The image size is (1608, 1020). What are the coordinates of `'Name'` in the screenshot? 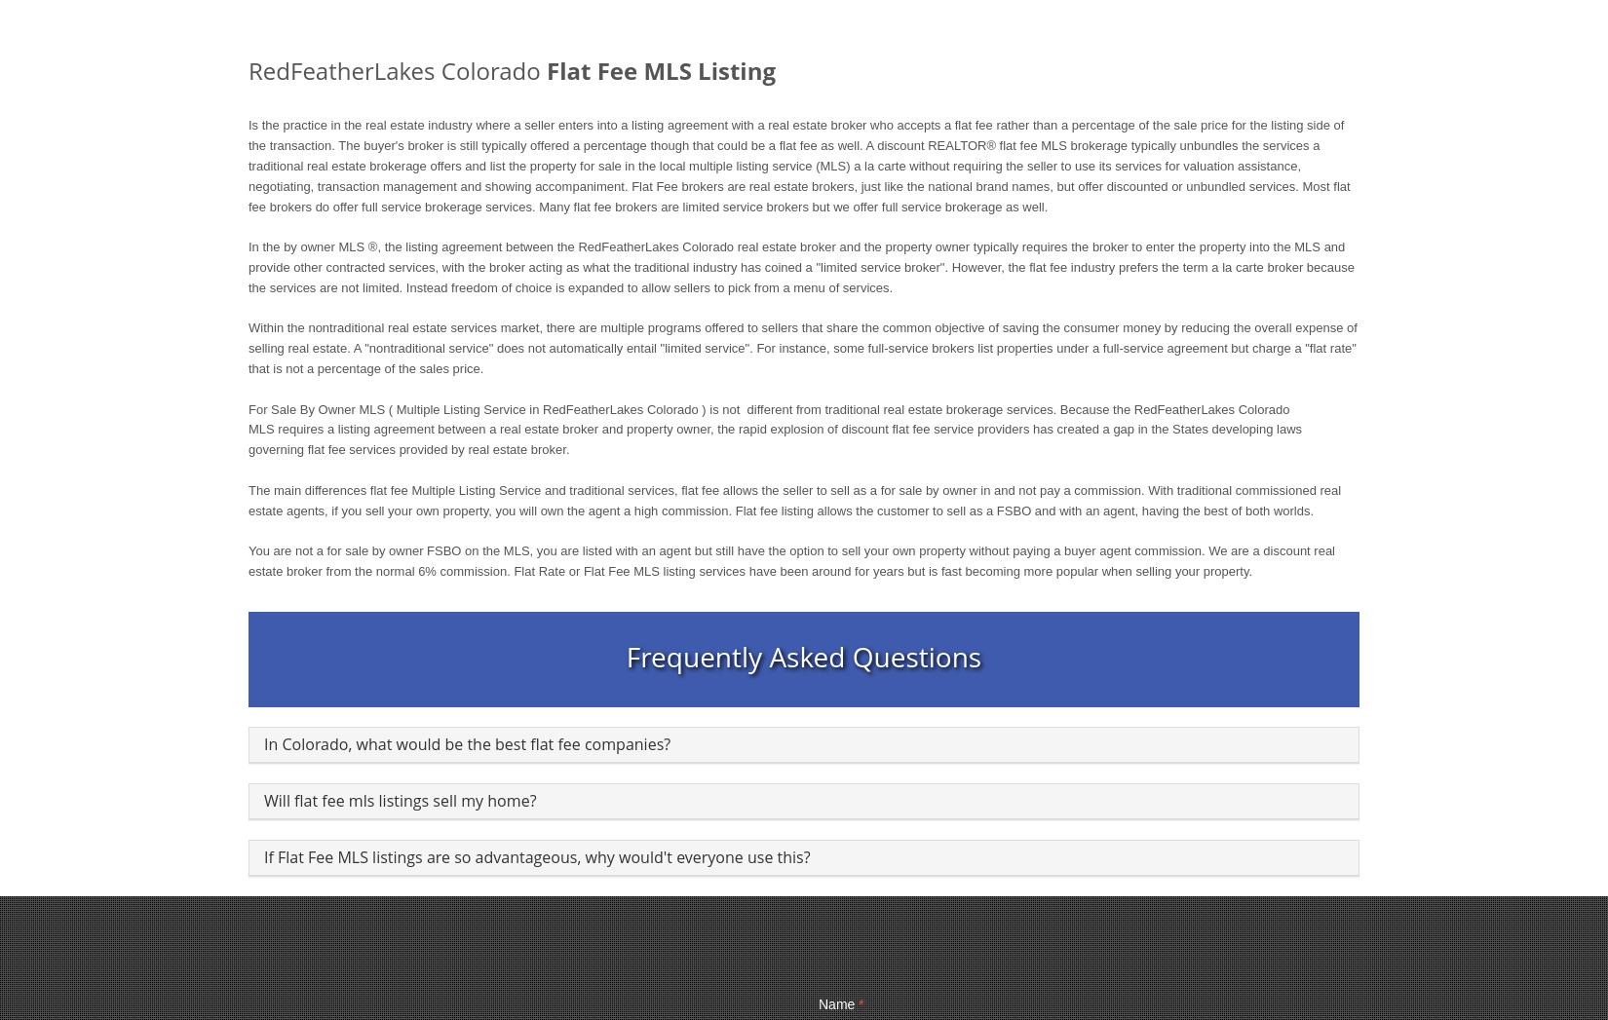 It's located at (838, 1003).